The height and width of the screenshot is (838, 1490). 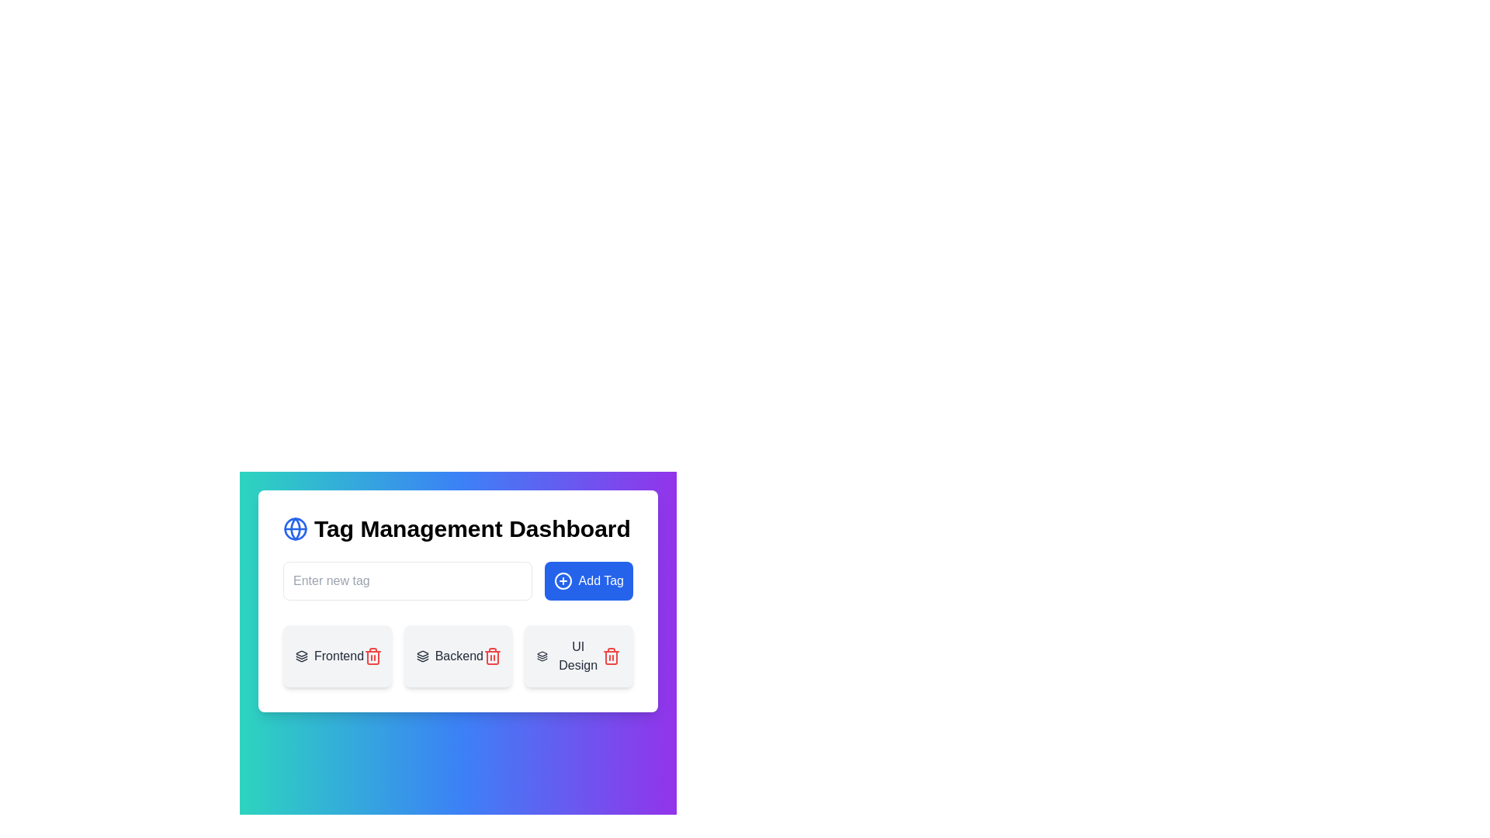 What do you see at coordinates (449, 656) in the screenshot?
I see `to select or focus the 'Backend' tag label, which is the second tag in the content section of the dashboard` at bounding box center [449, 656].